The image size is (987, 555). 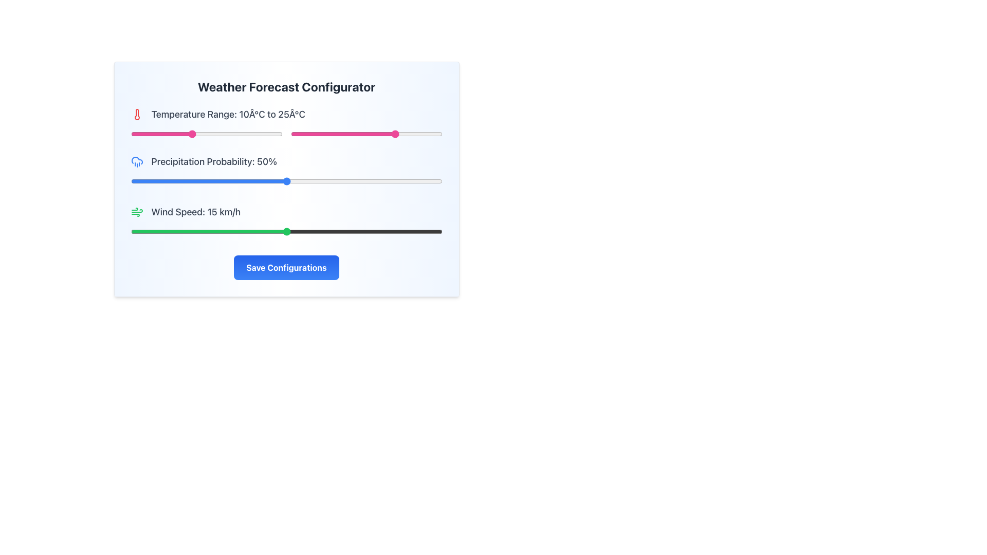 I want to click on the dual-range slider located below the label 'Temperature Range: 10°C to 25°C', so click(x=286, y=134).